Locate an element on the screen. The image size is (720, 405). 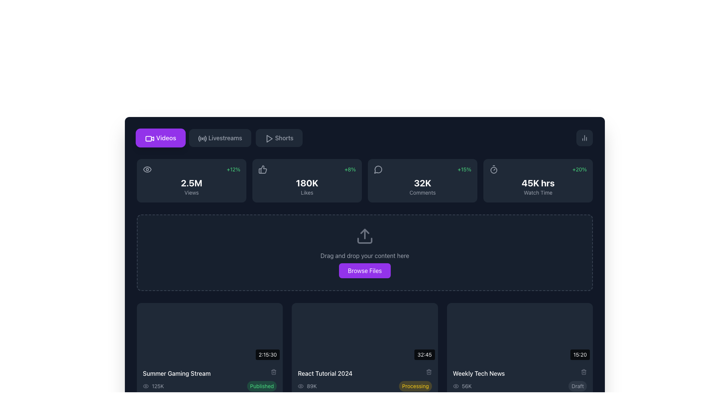
the 'Videos' icon in the navigation menu, which is part of a purple button indicating video content is located at coordinates (150, 139).